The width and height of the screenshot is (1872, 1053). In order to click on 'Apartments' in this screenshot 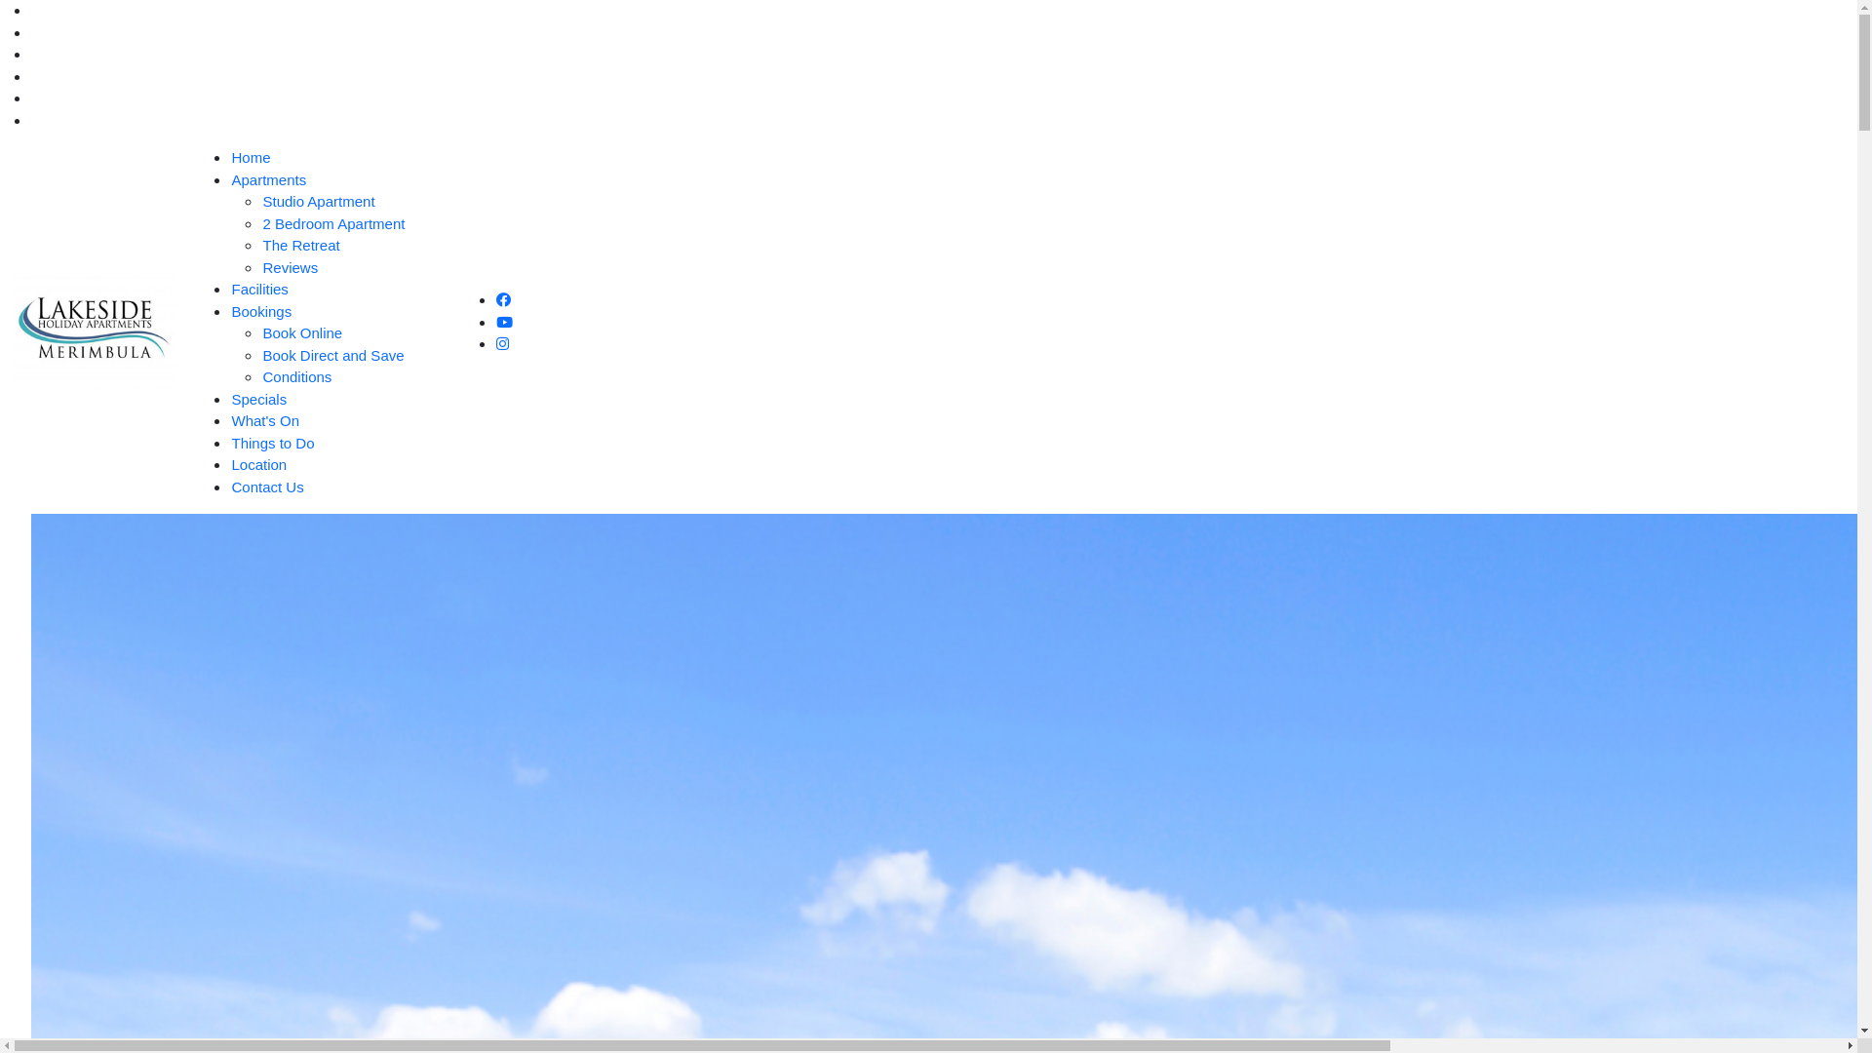, I will do `click(267, 179)`.